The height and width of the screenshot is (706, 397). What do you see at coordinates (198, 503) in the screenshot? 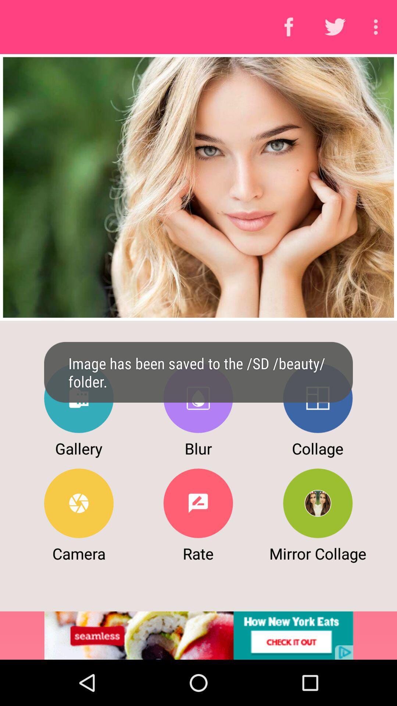
I see `rate` at bounding box center [198, 503].